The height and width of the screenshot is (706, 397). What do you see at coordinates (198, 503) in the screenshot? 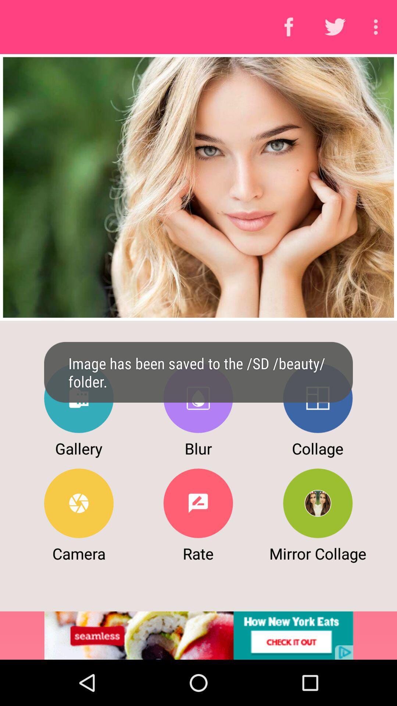
I see `rate` at bounding box center [198, 503].